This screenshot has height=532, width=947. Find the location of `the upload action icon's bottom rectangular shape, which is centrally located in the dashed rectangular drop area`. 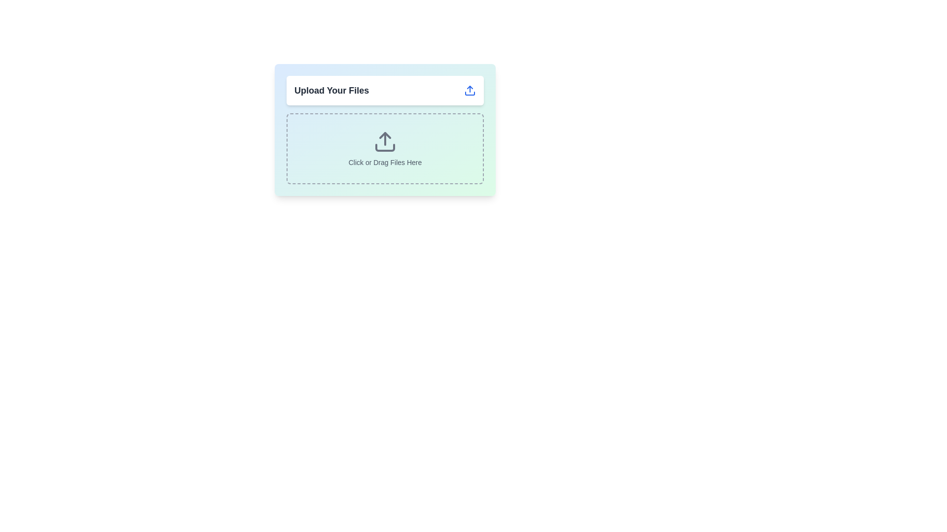

the upload action icon's bottom rectangular shape, which is centrally located in the dashed rectangular drop area is located at coordinates (385, 148).